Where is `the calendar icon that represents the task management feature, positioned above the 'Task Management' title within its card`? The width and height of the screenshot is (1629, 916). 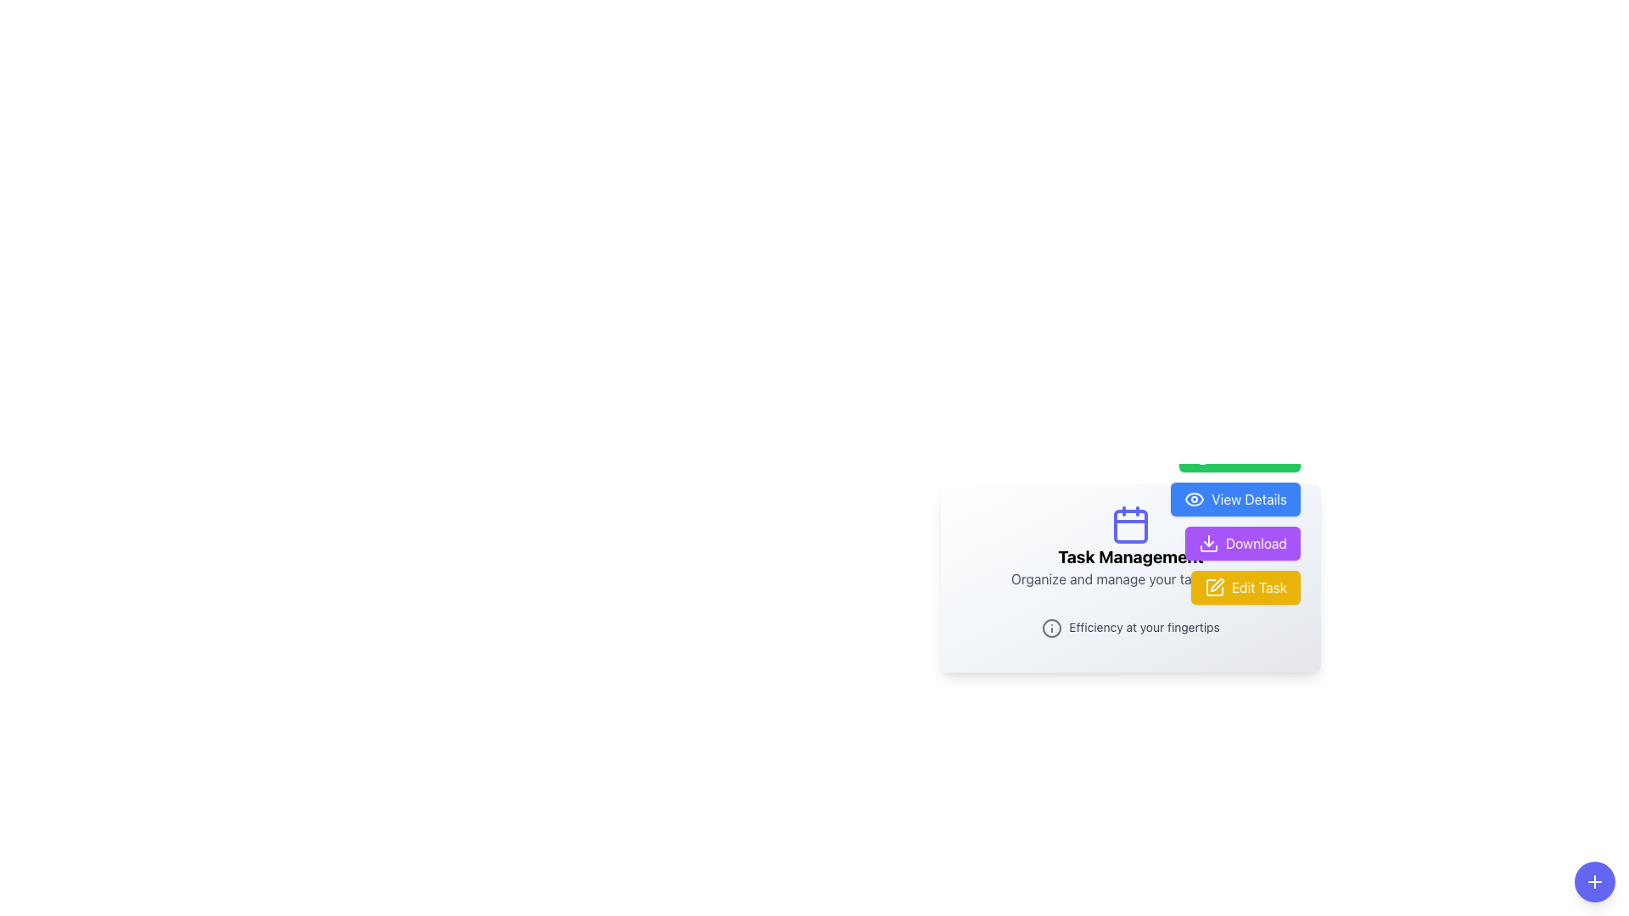 the calendar icon that represents the task management feature, positioned above the 'Task Management' title within its card is located at coordinates (1131, 523).